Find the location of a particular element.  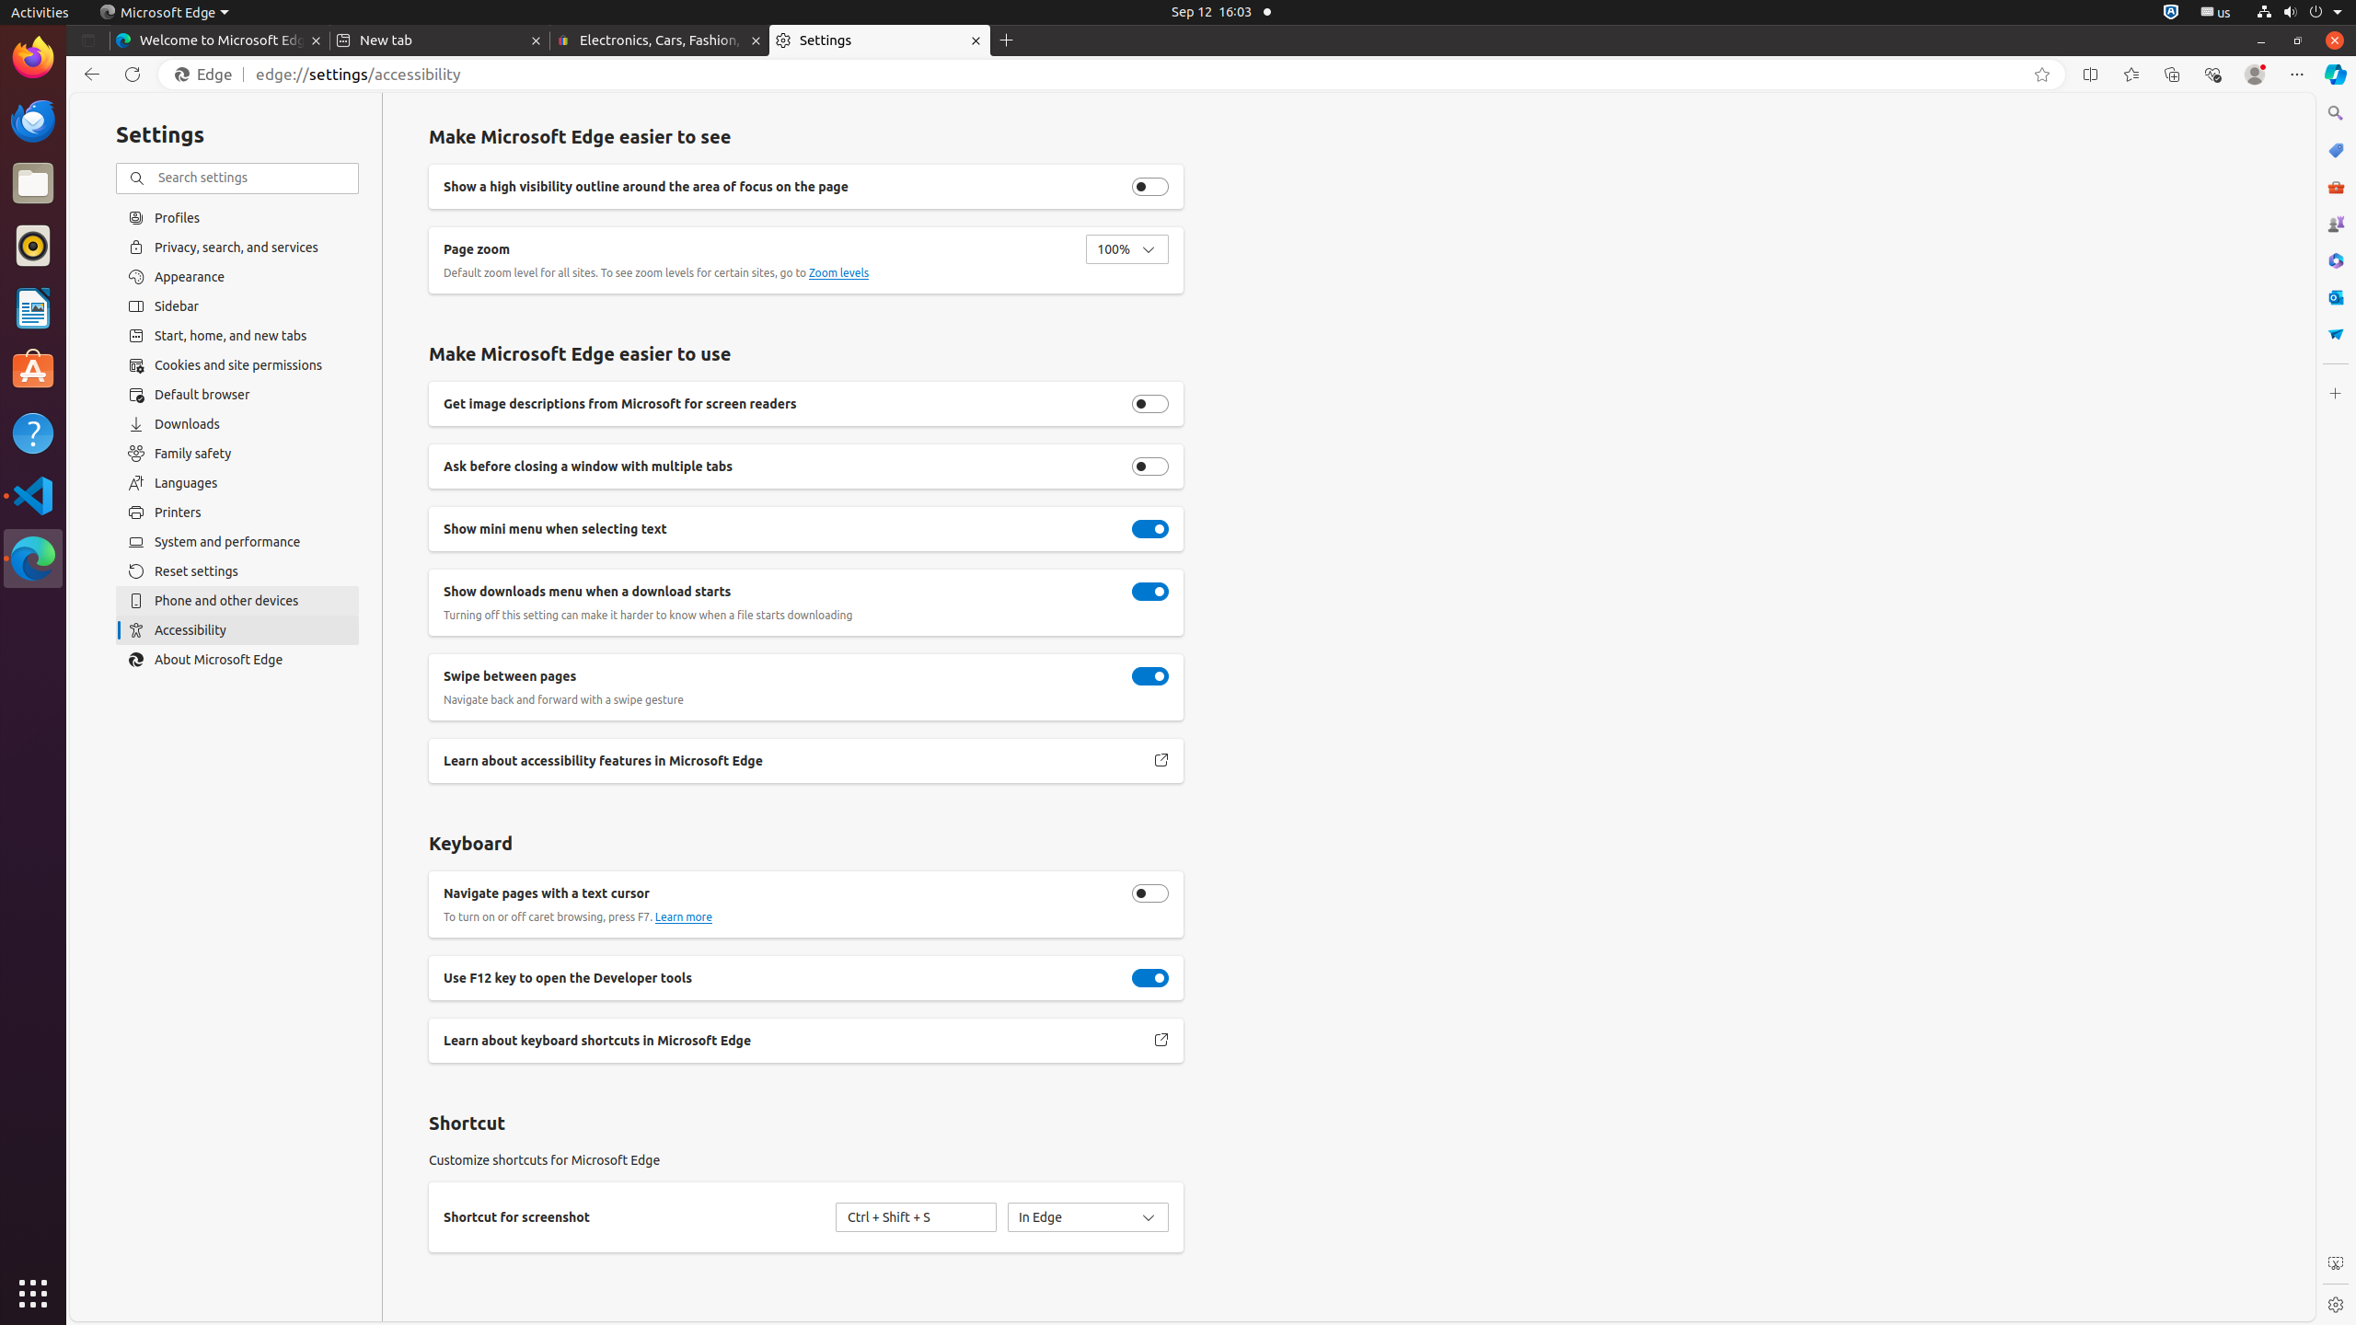

'Learn more about caret browsing.' is located at coordinates (682, 916).